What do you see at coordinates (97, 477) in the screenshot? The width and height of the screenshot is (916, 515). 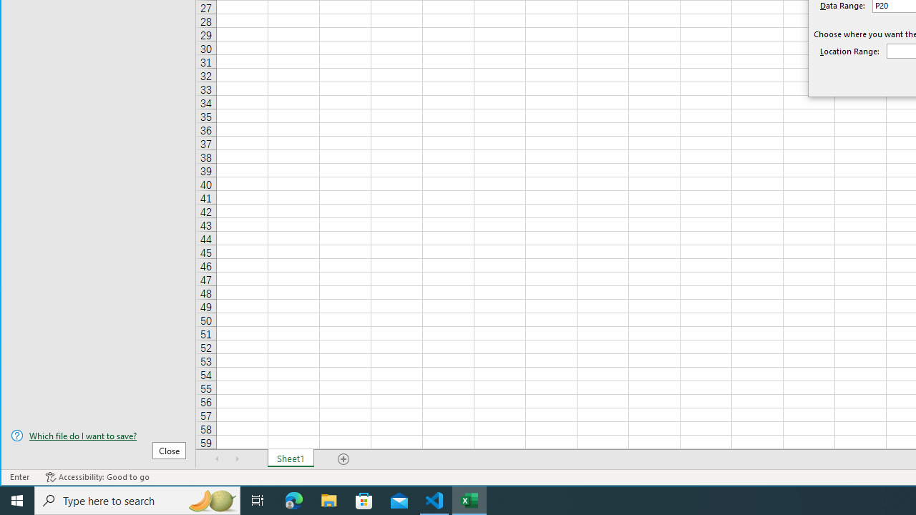 I see `'Accessibility Checker Accessibility: Good to go'` at bounding box center [97, 477].